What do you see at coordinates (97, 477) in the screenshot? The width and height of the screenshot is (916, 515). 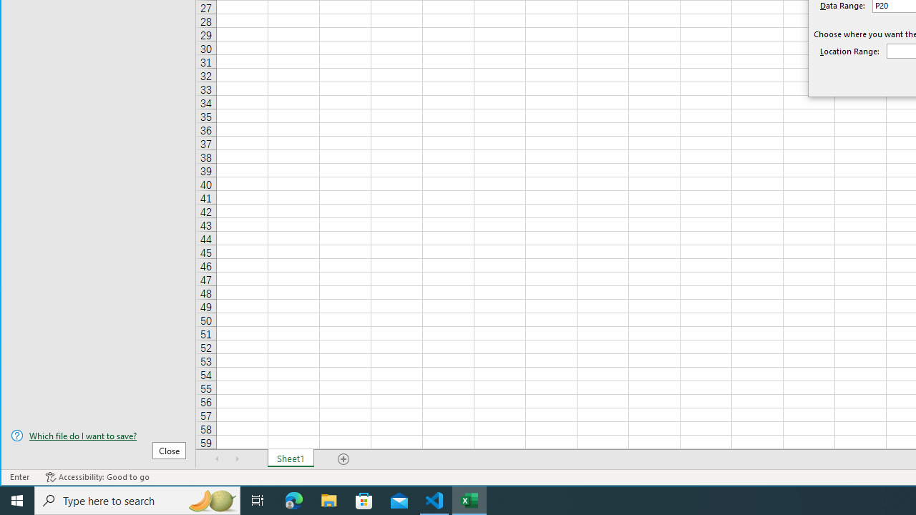 I see `'Accessibility Checker Accessibility: Good to go'` at bounding box center [97, 477].